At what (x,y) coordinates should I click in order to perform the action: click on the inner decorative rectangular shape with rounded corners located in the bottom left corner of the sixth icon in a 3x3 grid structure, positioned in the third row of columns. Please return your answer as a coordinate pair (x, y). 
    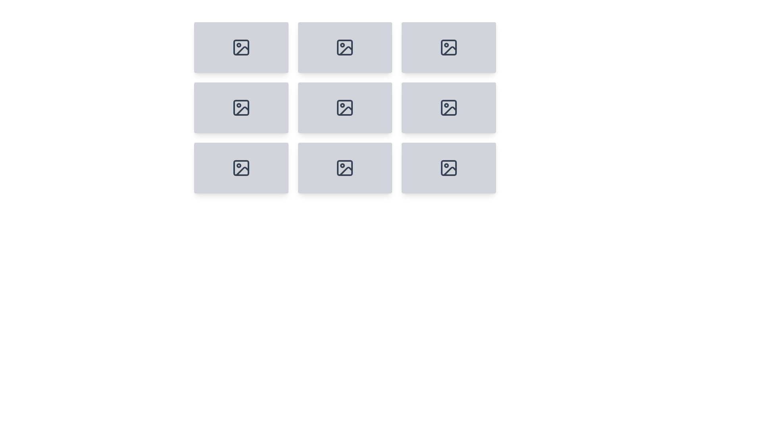
    Looking at the image, I should click on (241, 168).